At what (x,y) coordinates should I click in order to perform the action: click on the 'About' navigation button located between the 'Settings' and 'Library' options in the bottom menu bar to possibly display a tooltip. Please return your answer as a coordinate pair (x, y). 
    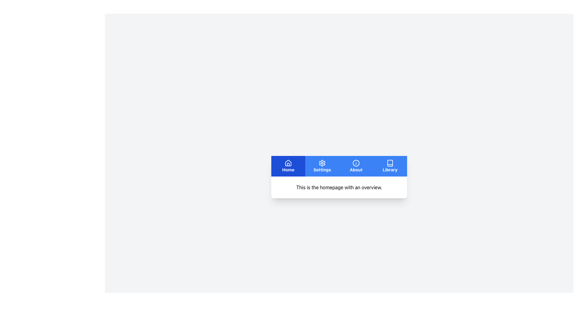
    Looking at the image, I should click on (356, 166).